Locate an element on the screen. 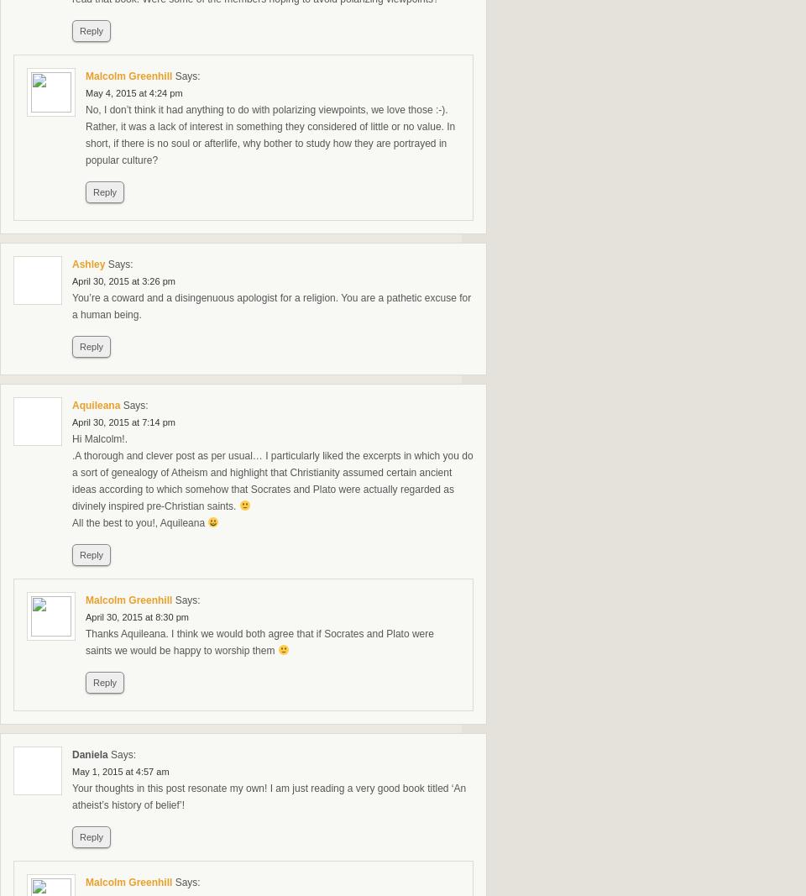 The width and height of the screenshot is (806, 896). 'No, I don’t think it had anything to do with polarizing viewpoints, we love those :-). Rather, it was a lack of interest in something they considered of little or no value. In short, if there is no soul or afterlife, why bother to study how they are portrayed in popular culture?' is located at coordinates (85, 134).